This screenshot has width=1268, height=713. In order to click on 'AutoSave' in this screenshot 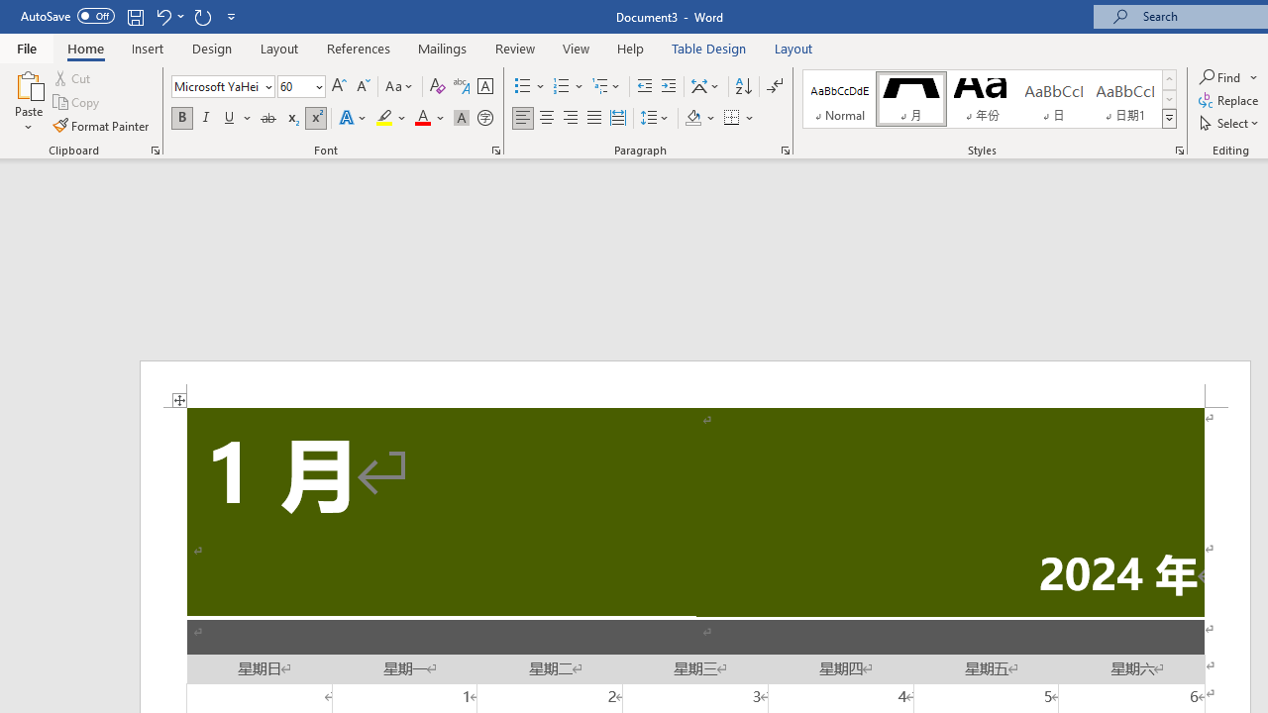, I will do `click(67, 16)`.